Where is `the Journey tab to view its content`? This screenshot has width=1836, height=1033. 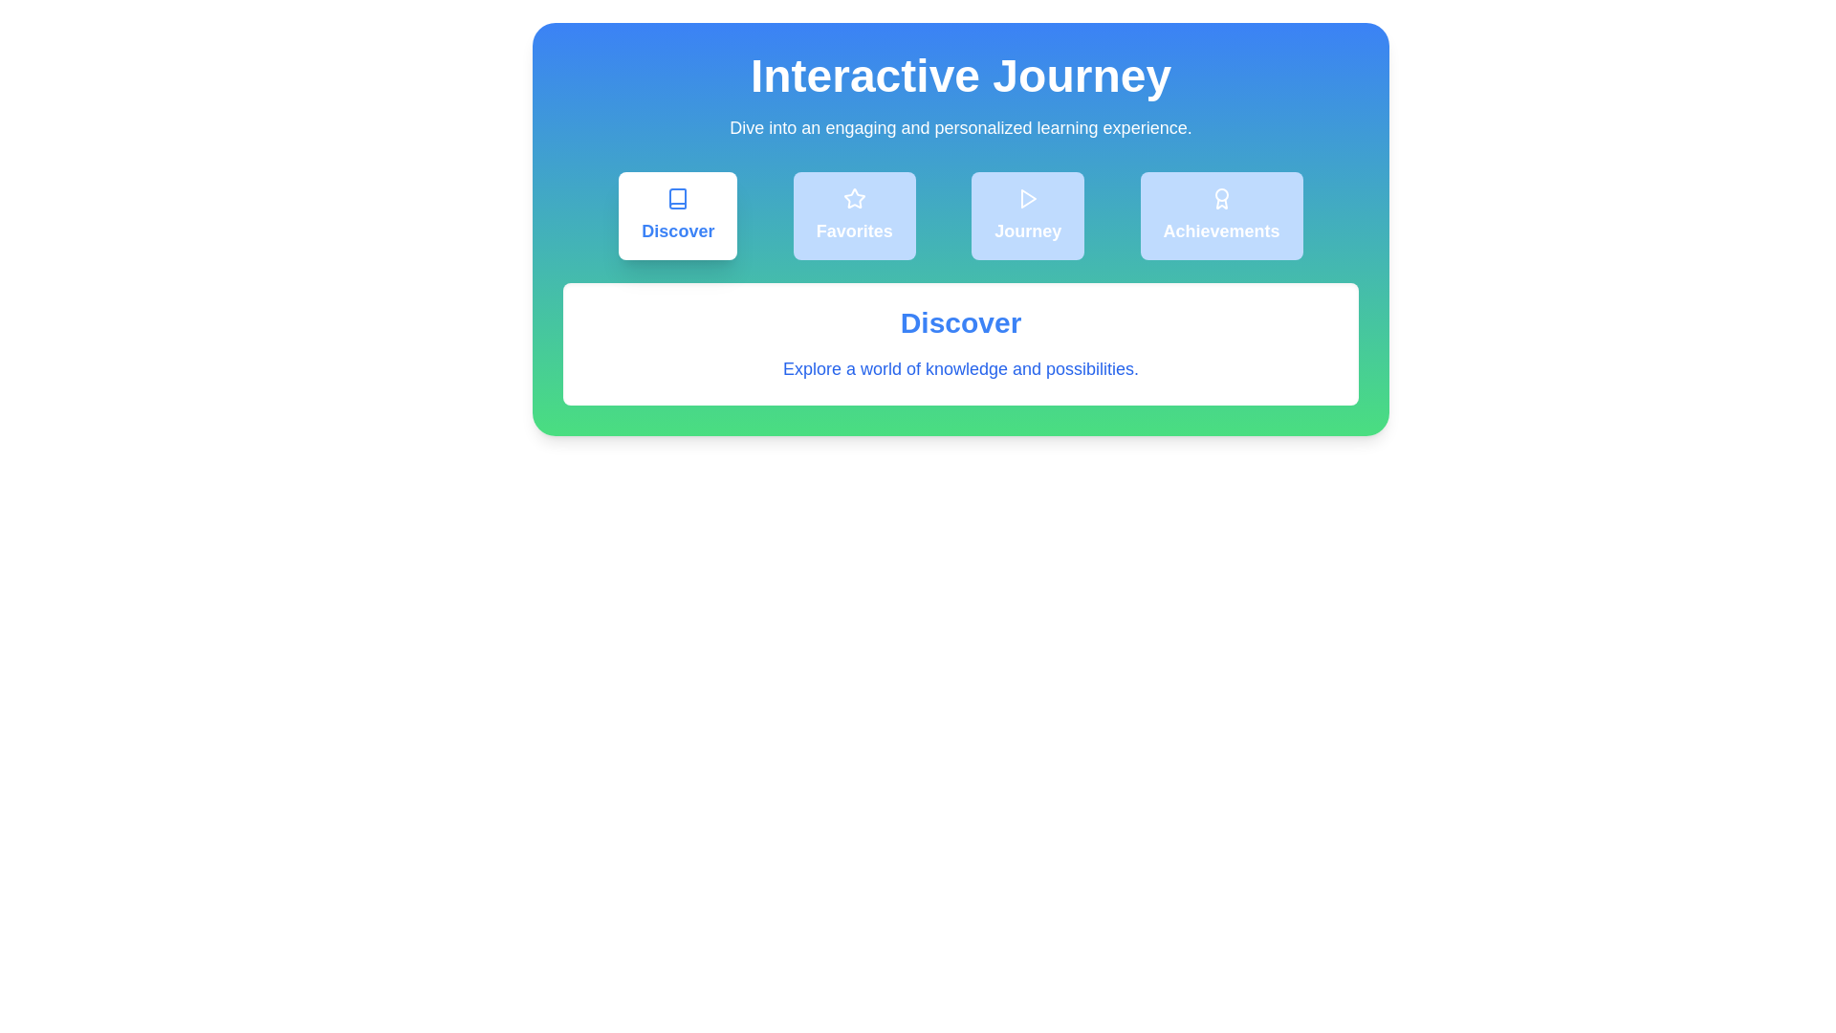
the Journey tab to view its content is located at coordinates (1027, 215).